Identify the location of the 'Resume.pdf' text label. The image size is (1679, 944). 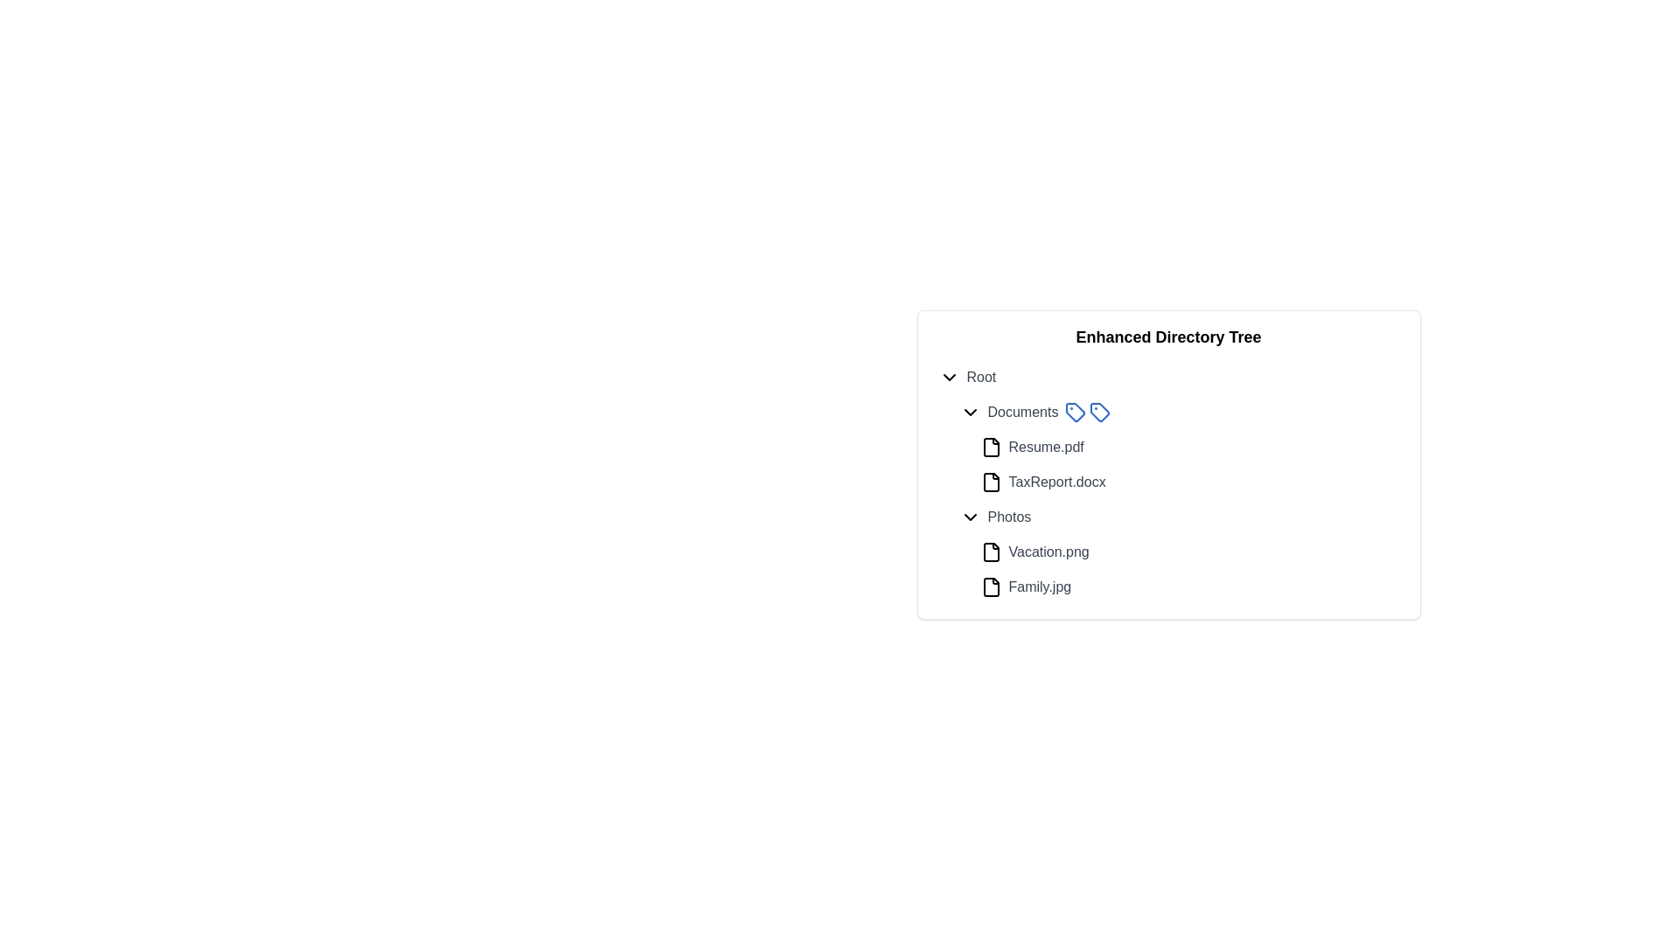
(1046, 447).